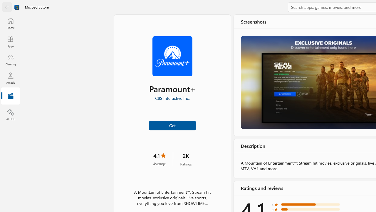 This screenshot has height=212, width=376. I want to click on 'Home', so click(10, 23).